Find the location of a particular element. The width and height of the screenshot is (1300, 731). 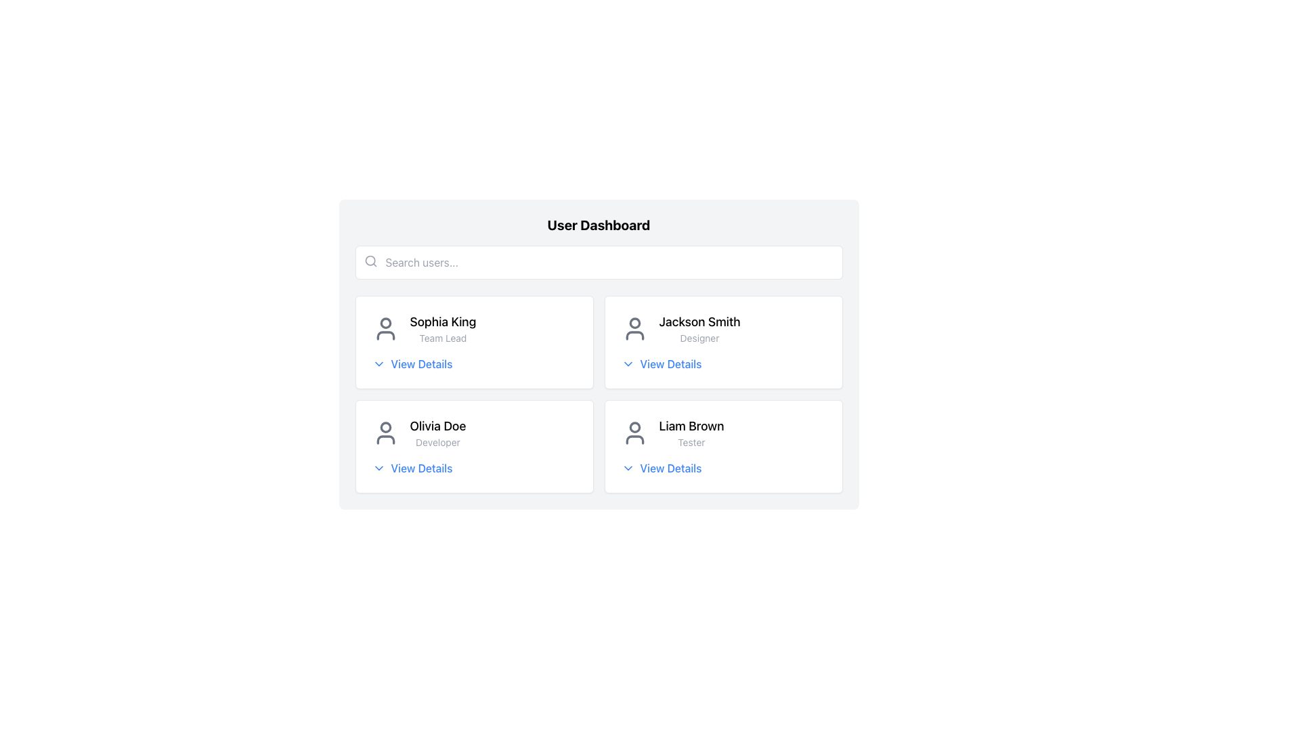

the Text Display element that shows 'Sophia King' as a header and 'Team Lead' as a subheader, located in the first user card on the left side of the grid layout is located at coordinates (443, 329).